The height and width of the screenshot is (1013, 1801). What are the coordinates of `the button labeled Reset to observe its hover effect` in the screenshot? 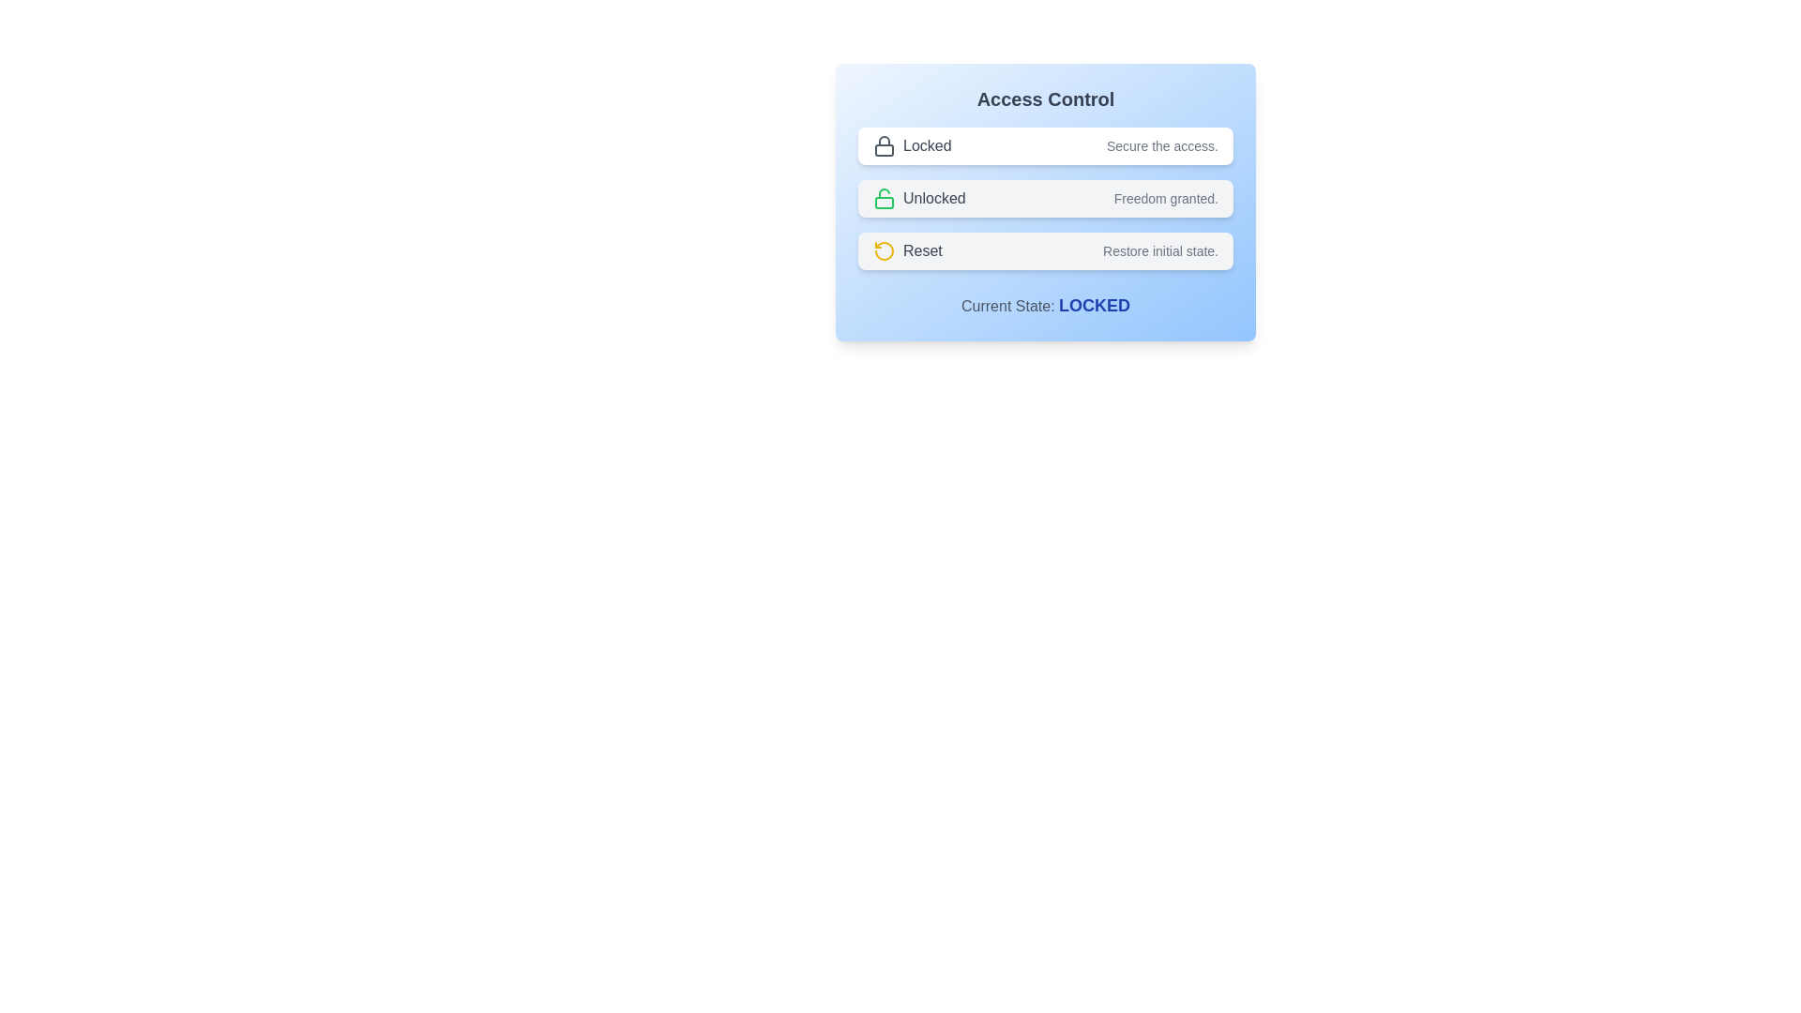 It's located at (1044, 249).